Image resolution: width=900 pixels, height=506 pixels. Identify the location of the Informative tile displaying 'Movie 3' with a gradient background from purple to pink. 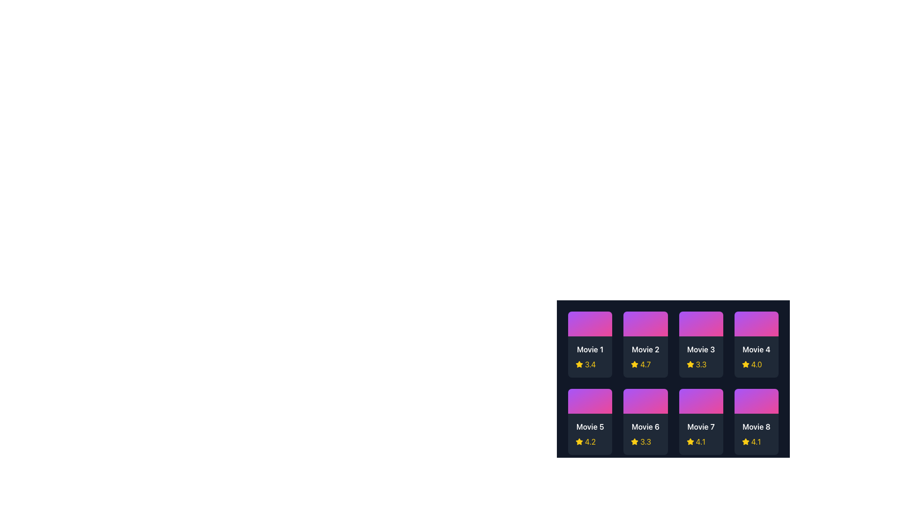
(701, 344).